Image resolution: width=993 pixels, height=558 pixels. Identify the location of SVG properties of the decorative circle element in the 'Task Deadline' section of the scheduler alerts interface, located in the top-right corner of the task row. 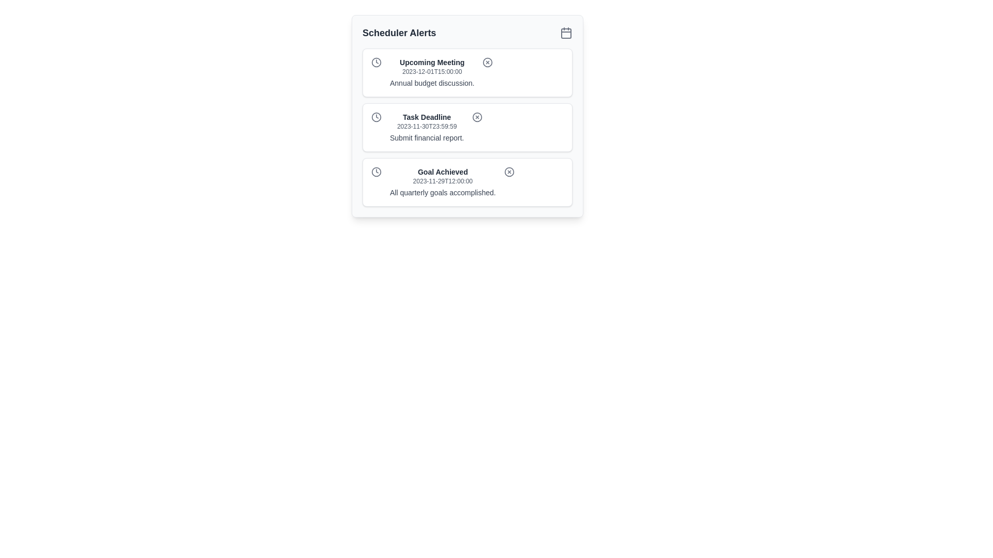
(477, 117).